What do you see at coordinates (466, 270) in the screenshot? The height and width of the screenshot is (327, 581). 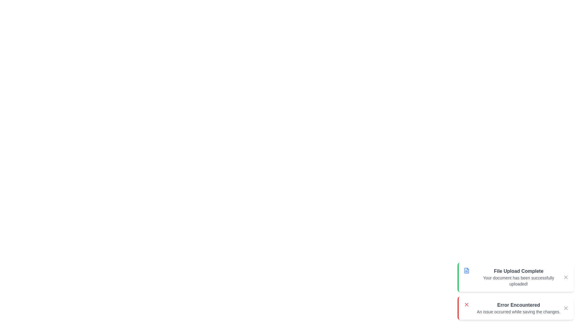 I see `the notification icon for success` at bounding box center [466, 270].